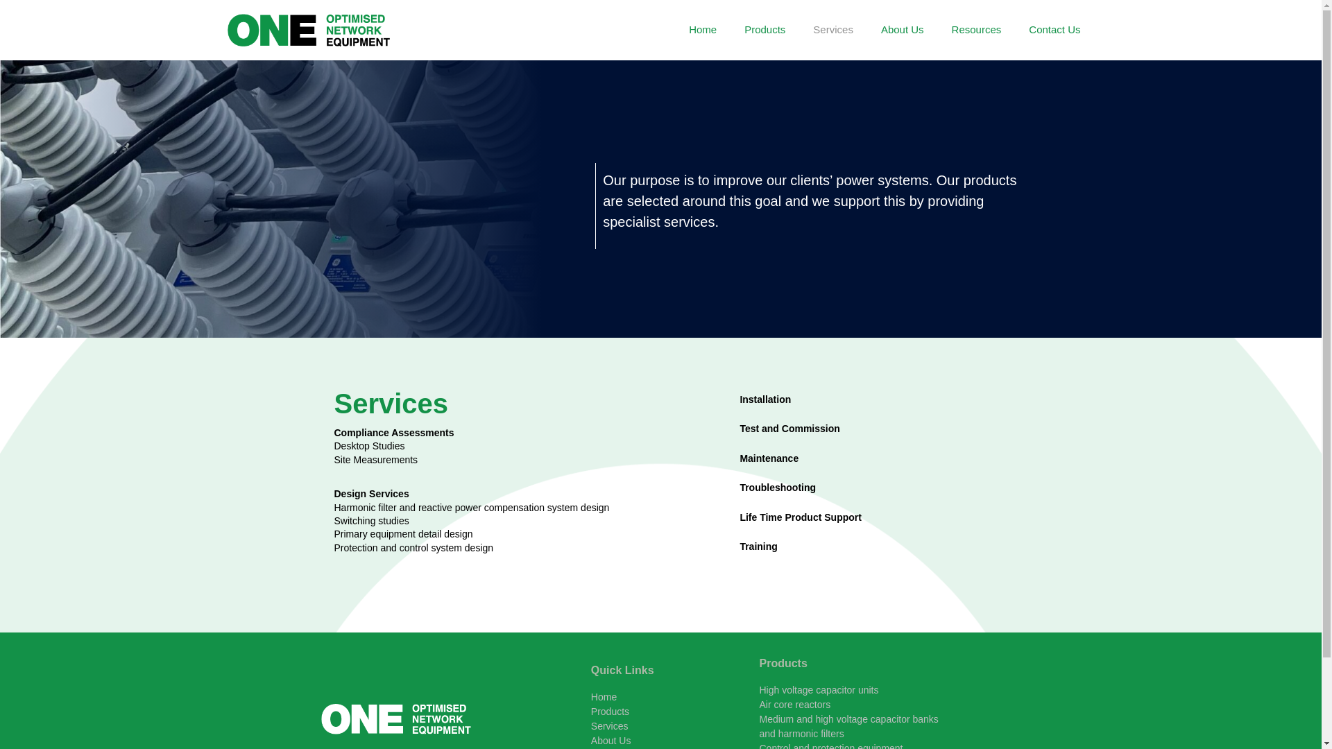 The width and height of the screenshot is (1332, 749). What do you see at coordinates (1015, 29) in the screenshot?
I see `'Contact Us'` at bounding box center [1015, 29].